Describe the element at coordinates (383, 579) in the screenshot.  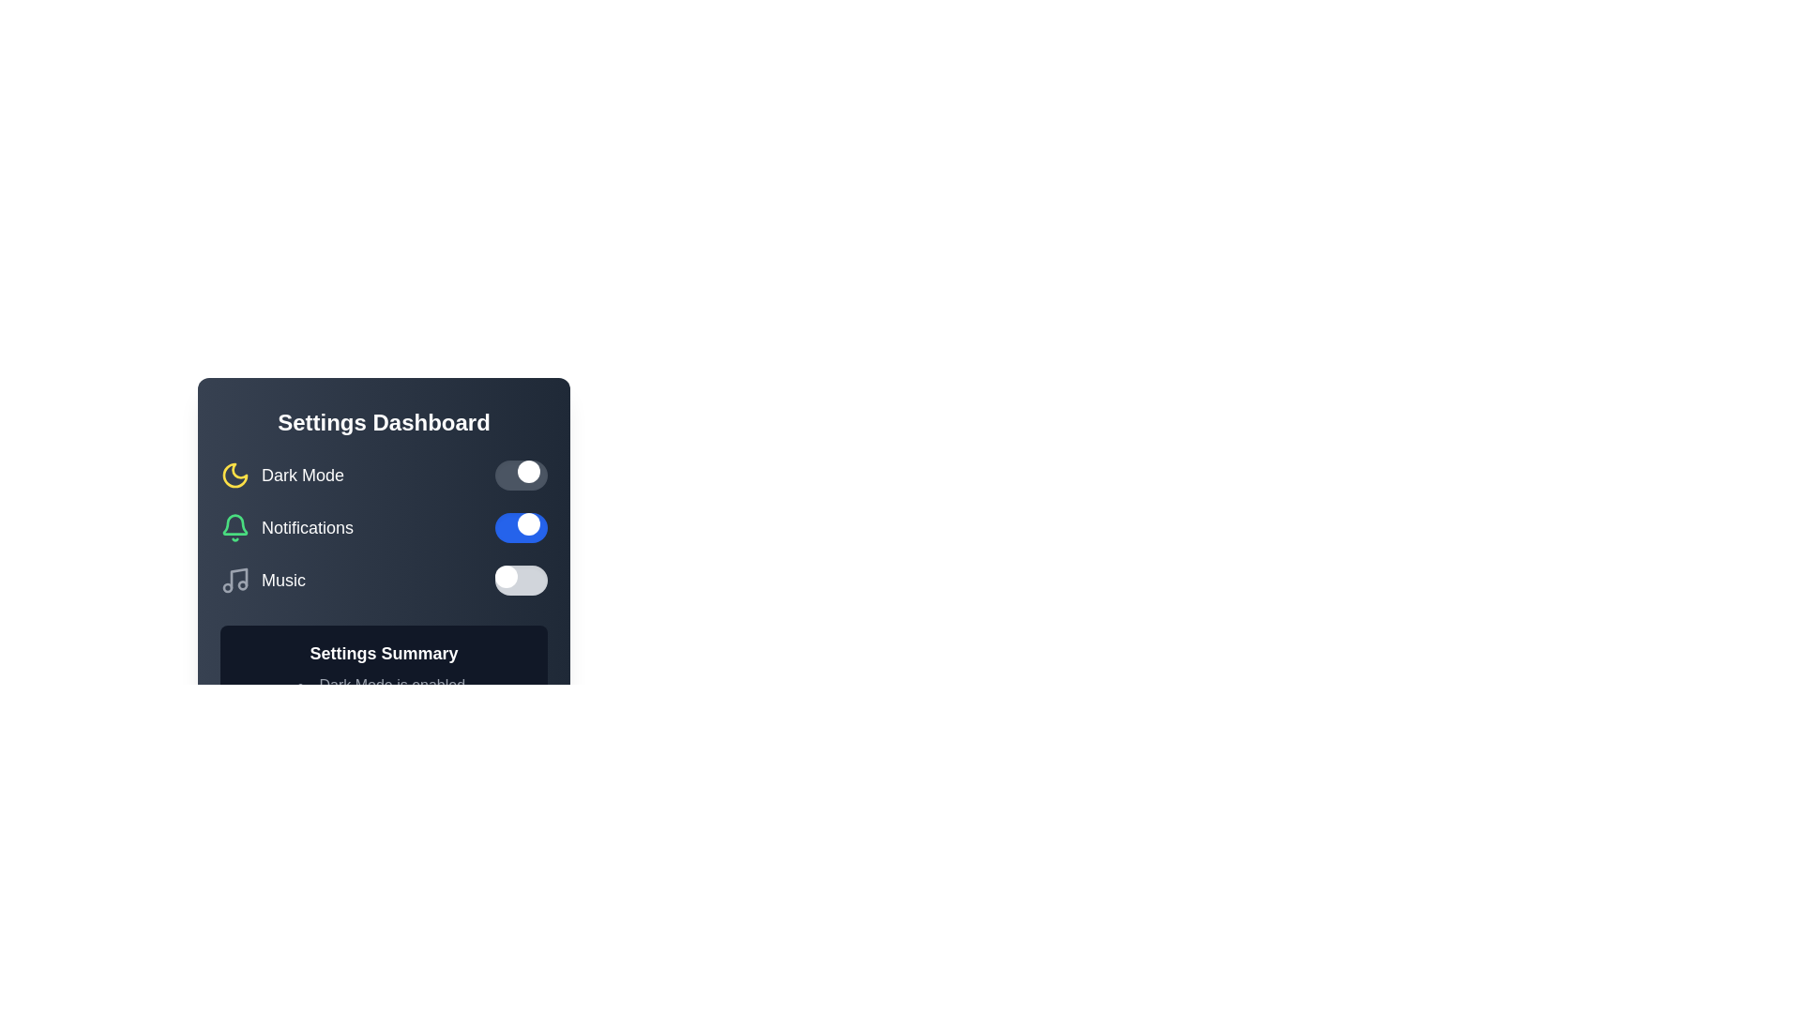
I see `the 'Music' labeled toggle switch to change its state` at that location.